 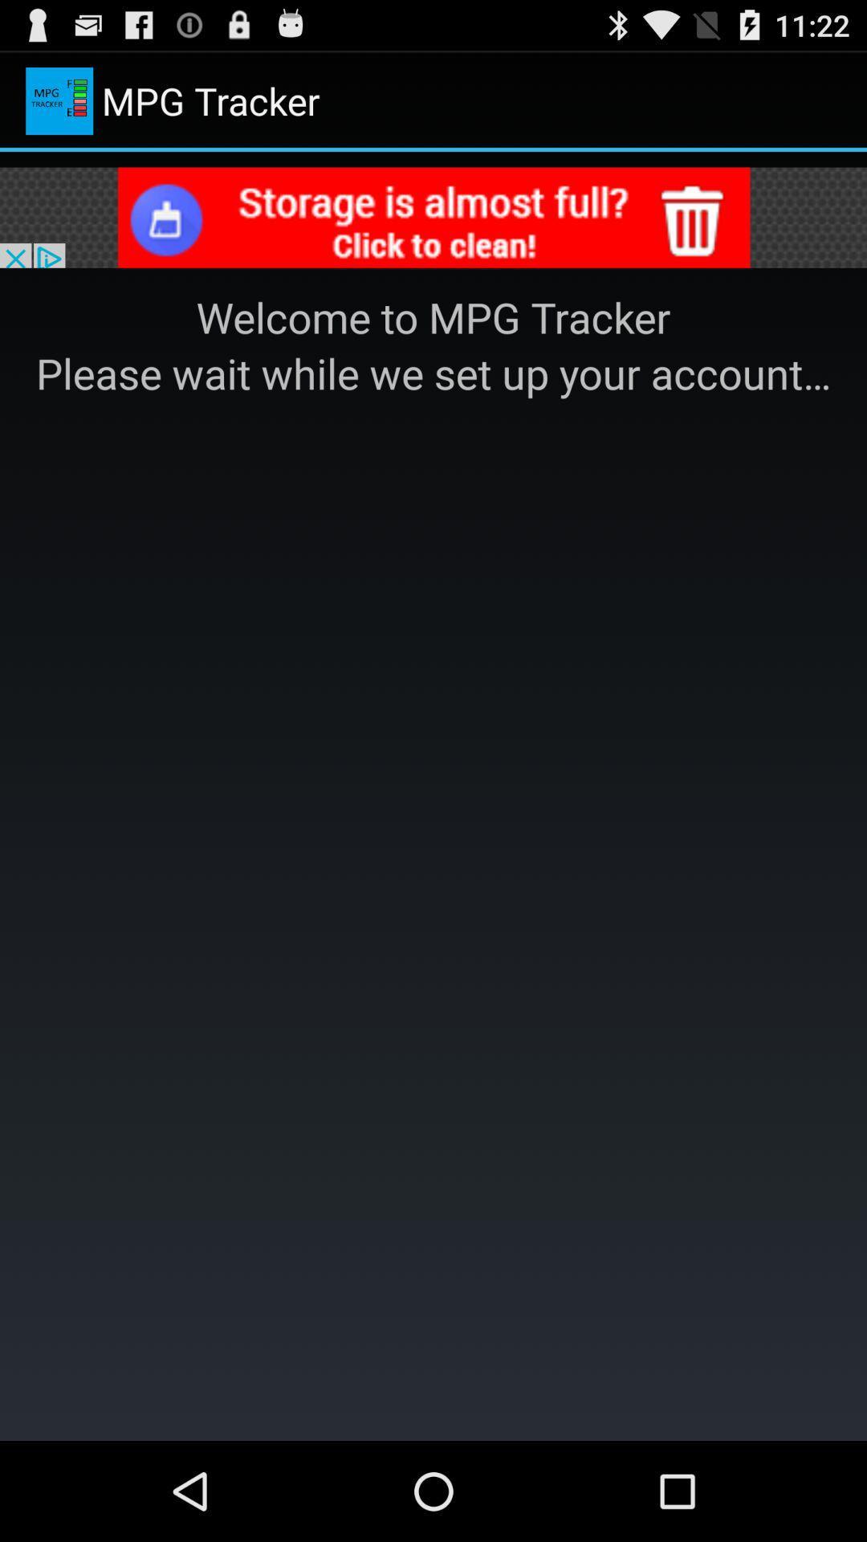 What do you see at coordinates (433, 219) in the screenshot?
I see `selected advertisement` at bounding box center [433, 219].